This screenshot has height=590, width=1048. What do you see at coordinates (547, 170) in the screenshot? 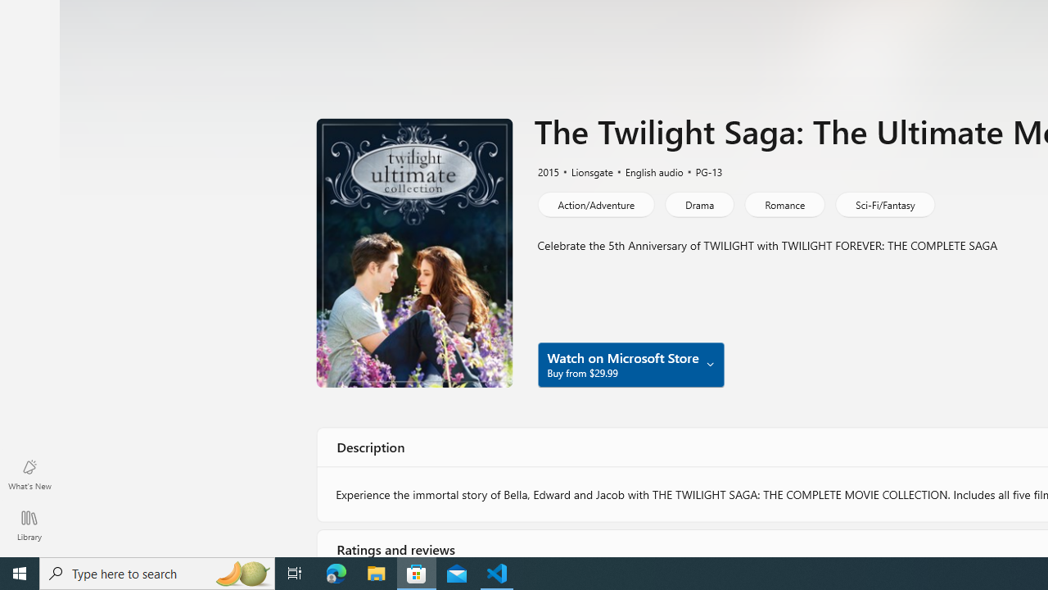
I see `'2015'` at bounding box center [547, 170].